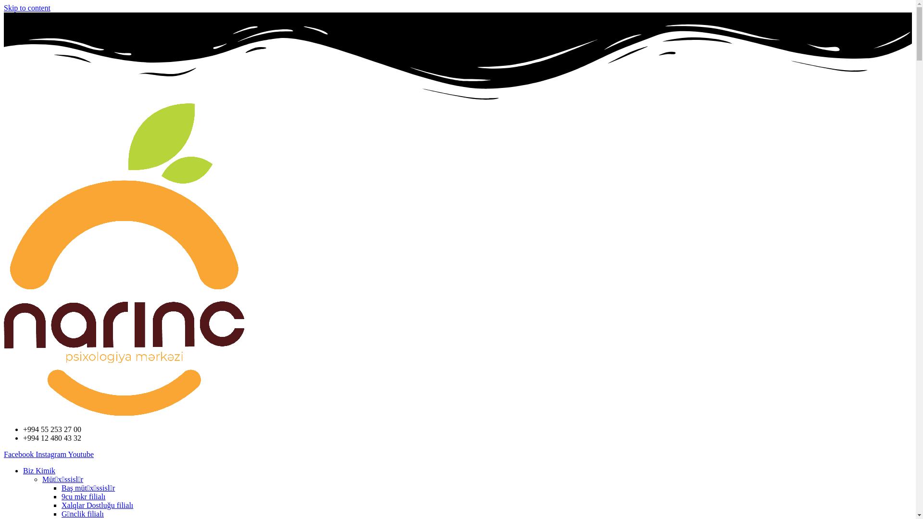 The width and height of the screenshot is (923, 519). What do you see at coordinates (20, 454) in the screenshot?
I see `'Facebook'` at bounding box center [20, 454].